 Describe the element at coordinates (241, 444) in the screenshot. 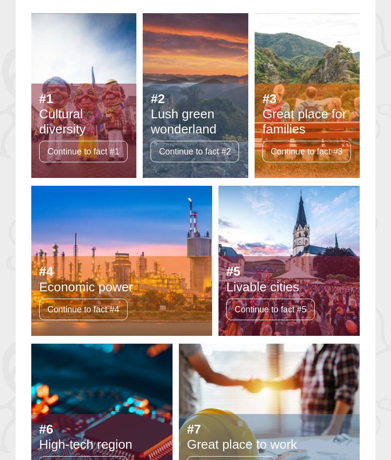

I see `'Great place to work'` at that location.